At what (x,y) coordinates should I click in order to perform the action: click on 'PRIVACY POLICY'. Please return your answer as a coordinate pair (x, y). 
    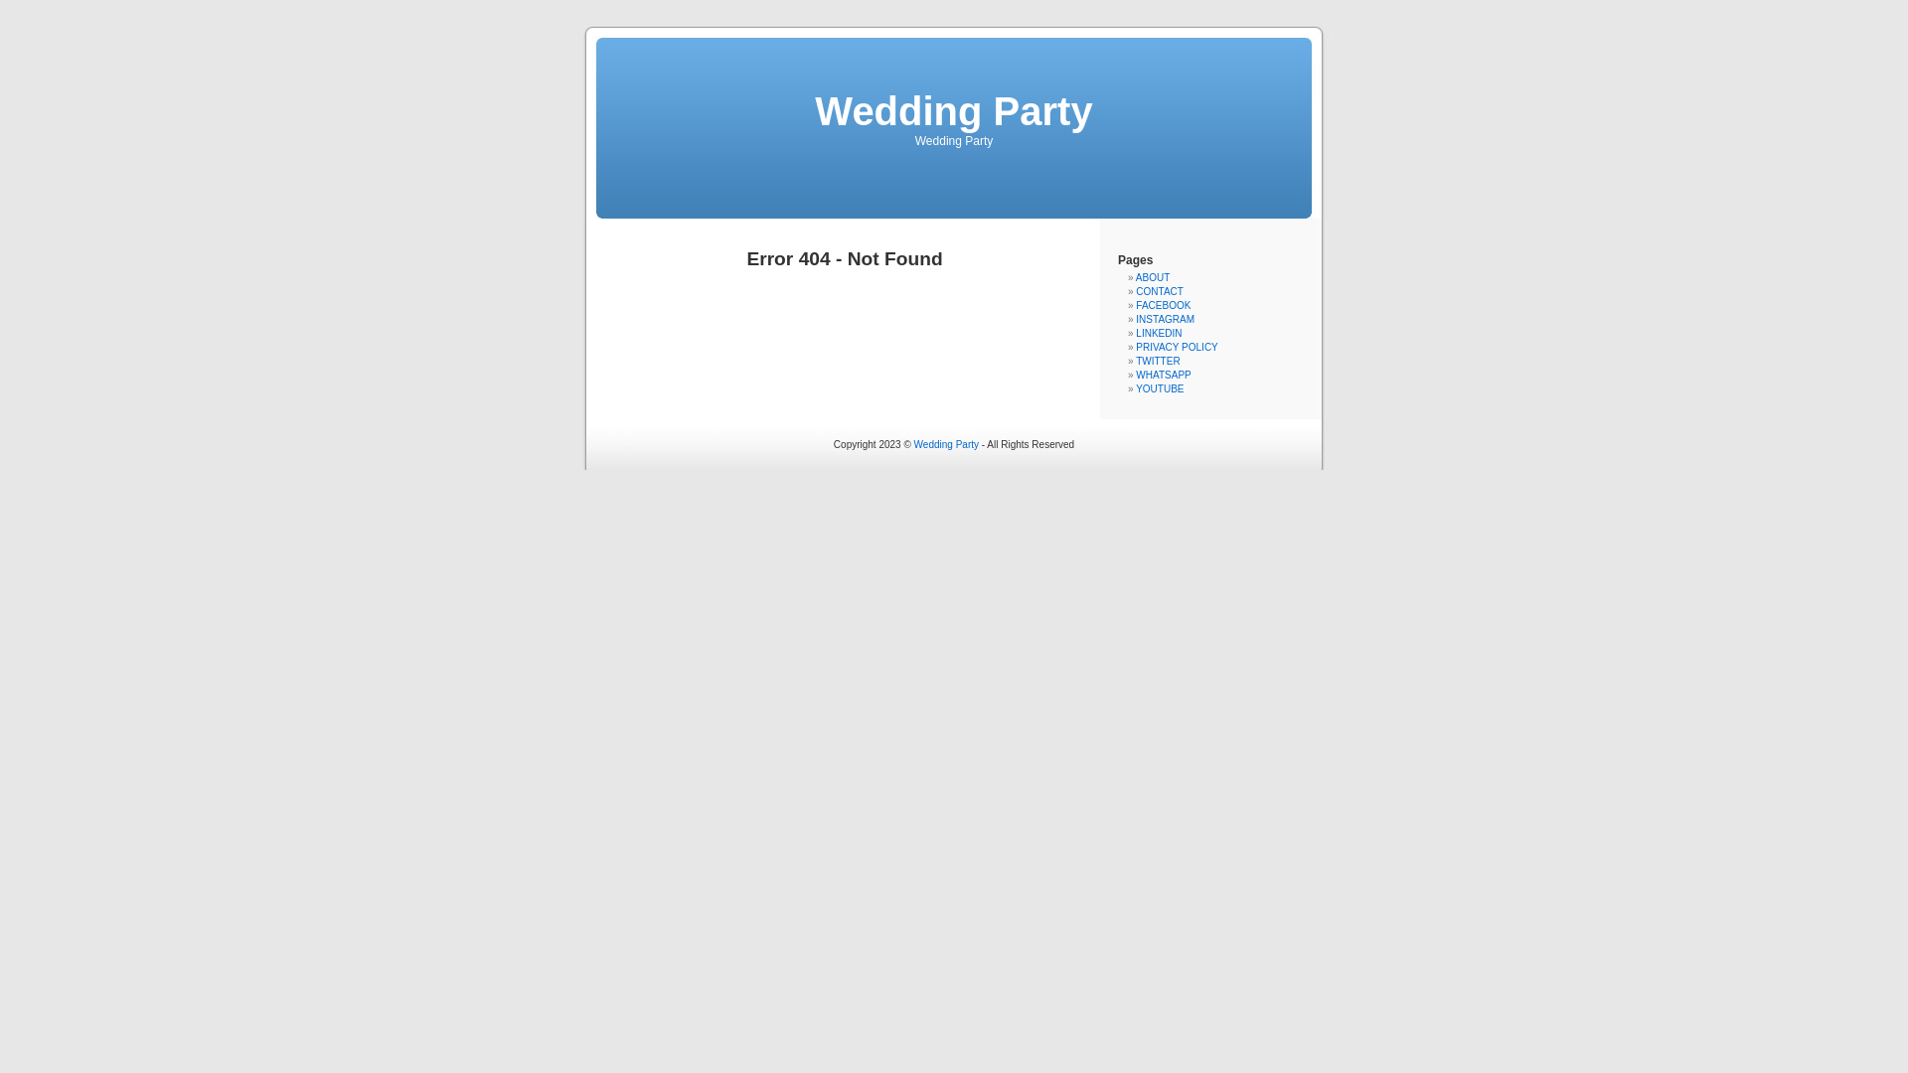
    Looking at the image, I should click on (1177, 346).